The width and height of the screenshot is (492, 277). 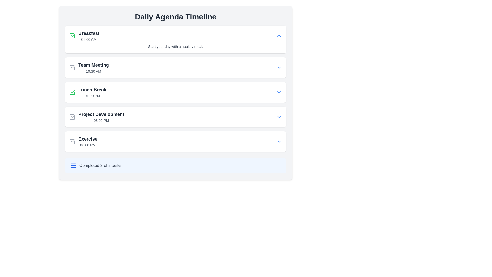 What do you see at coordinates (97, 117) in the screenshot?
I see `the 'Project Development' task item in the agenda interface` at bounding box center [97, 117].